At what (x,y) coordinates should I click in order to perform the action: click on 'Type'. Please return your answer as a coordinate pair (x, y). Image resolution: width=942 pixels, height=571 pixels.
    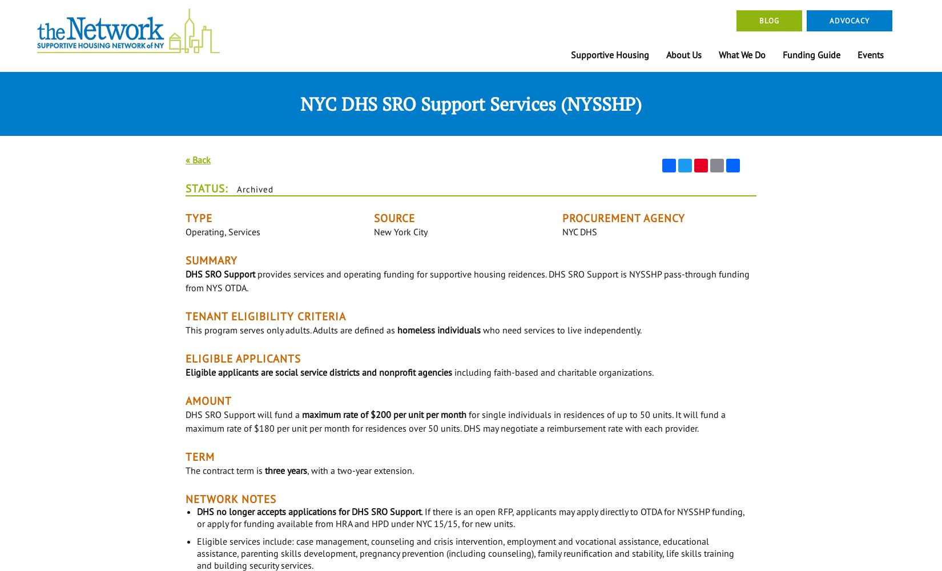
    Looking at the image, I should click on (199, 218).